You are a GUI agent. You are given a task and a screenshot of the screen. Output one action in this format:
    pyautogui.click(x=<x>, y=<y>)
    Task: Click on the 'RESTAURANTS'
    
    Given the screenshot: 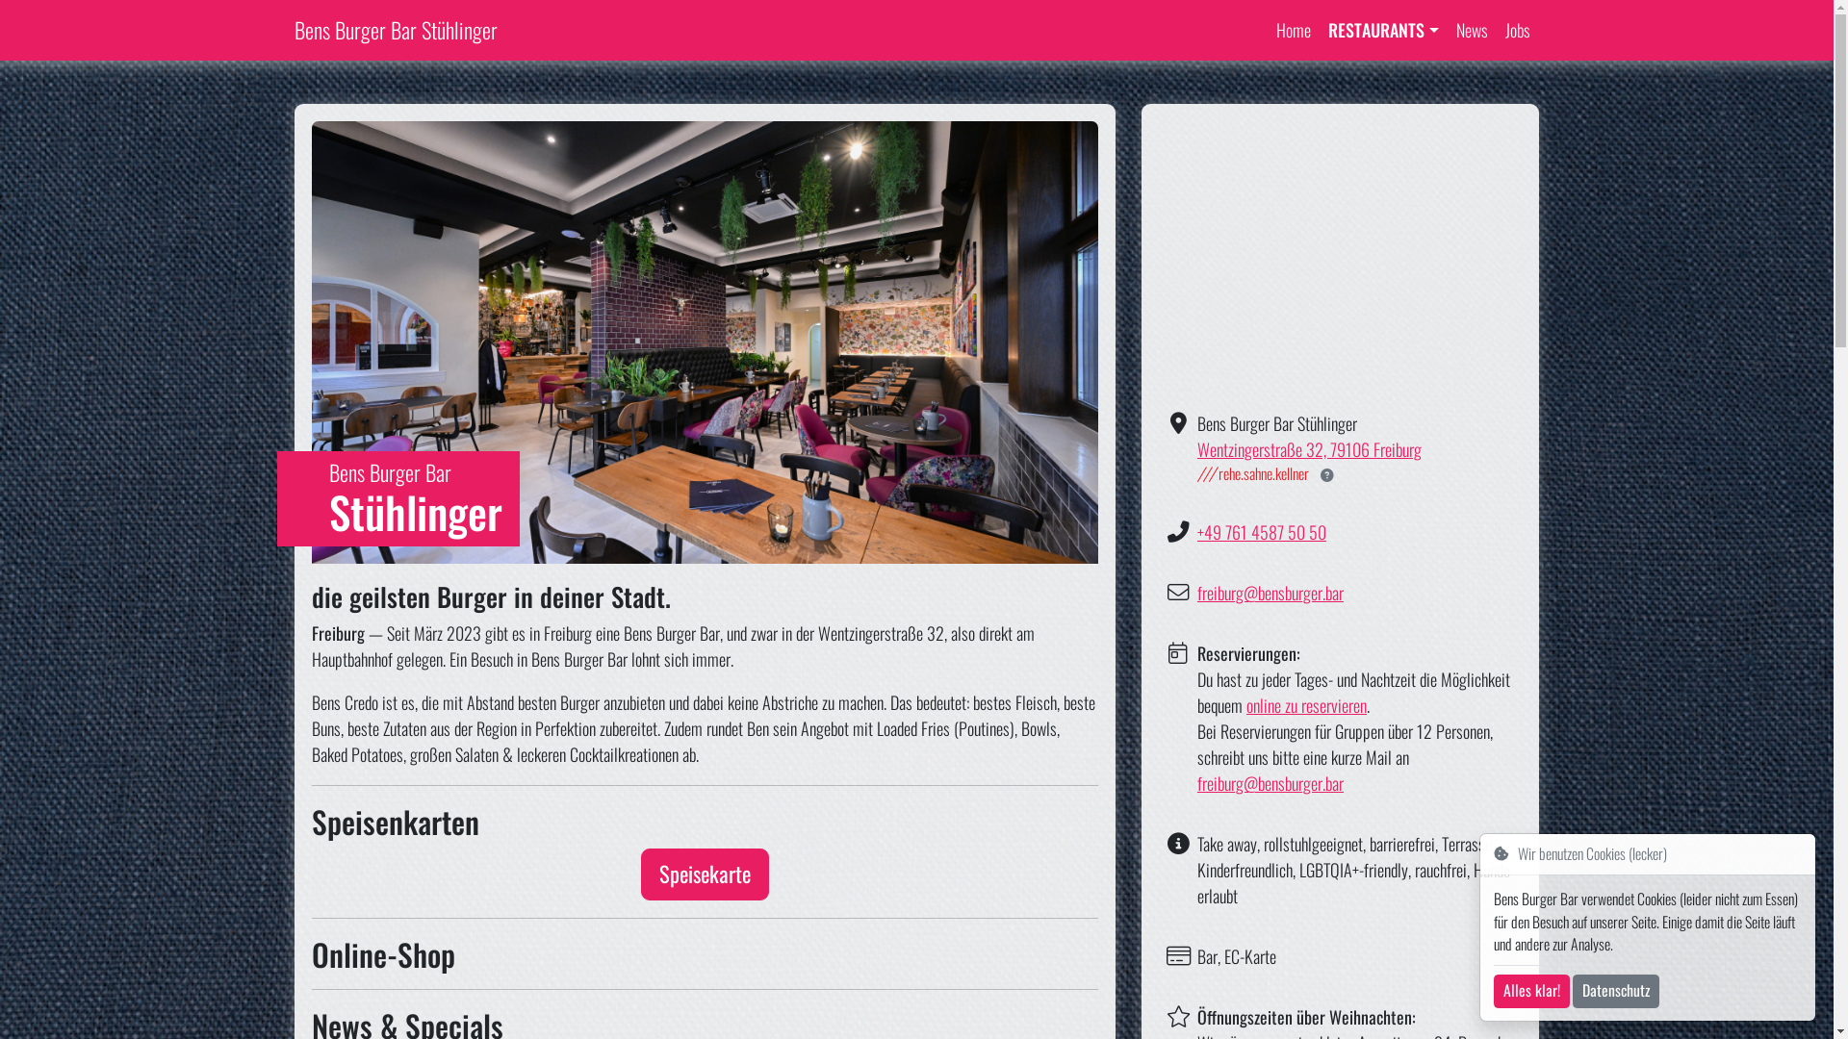 What is the action you would take?
    pyautogui.click(x=1382, y=30)
    